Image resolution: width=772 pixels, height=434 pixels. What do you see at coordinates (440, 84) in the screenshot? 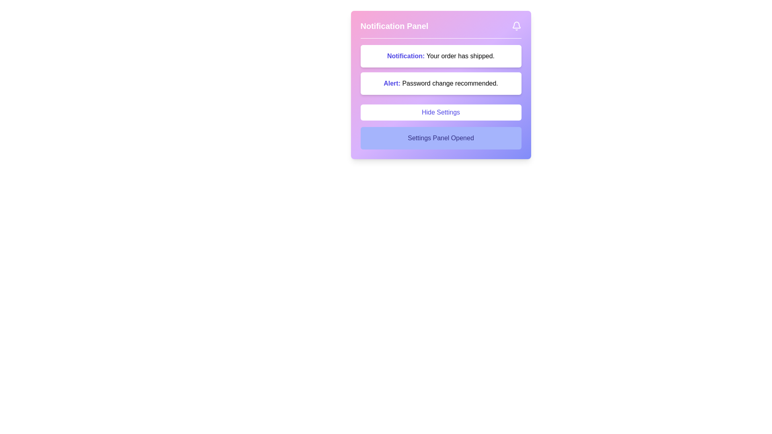
I see `notification from the Notification Box displaying 'Alert: Password change recommended.' with bold indigo text` at bounding box center [440, 84].